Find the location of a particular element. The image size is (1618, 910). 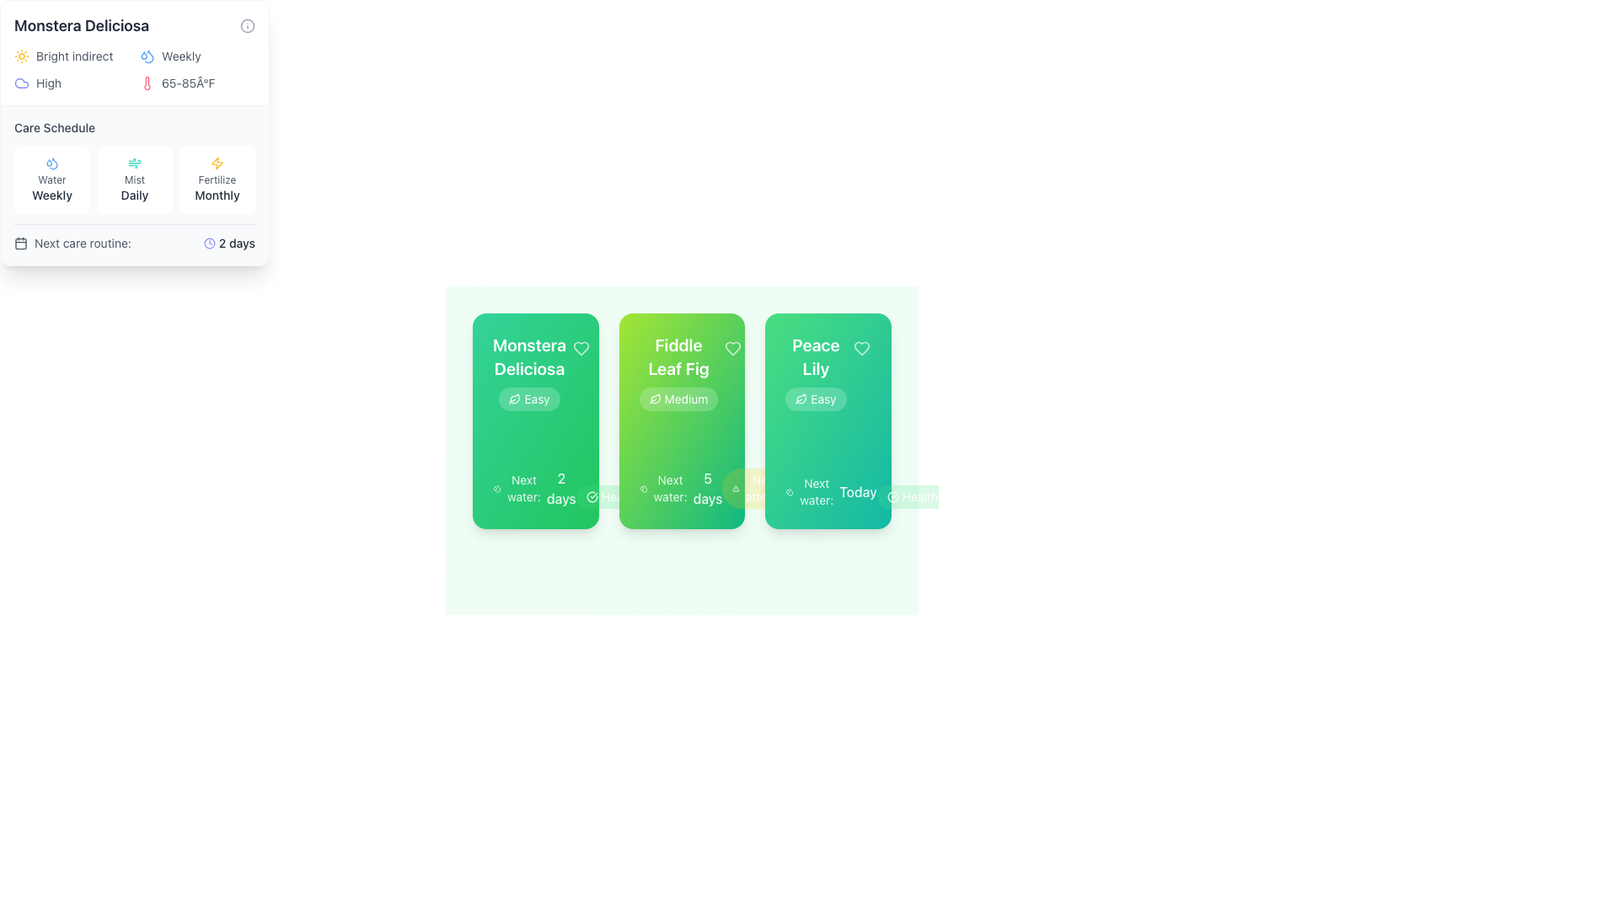

the favorite button with a heart icon located in the top-right corner of the 'Peace Lily' card to trigger a visual effect is located at coordinates (861, 347).